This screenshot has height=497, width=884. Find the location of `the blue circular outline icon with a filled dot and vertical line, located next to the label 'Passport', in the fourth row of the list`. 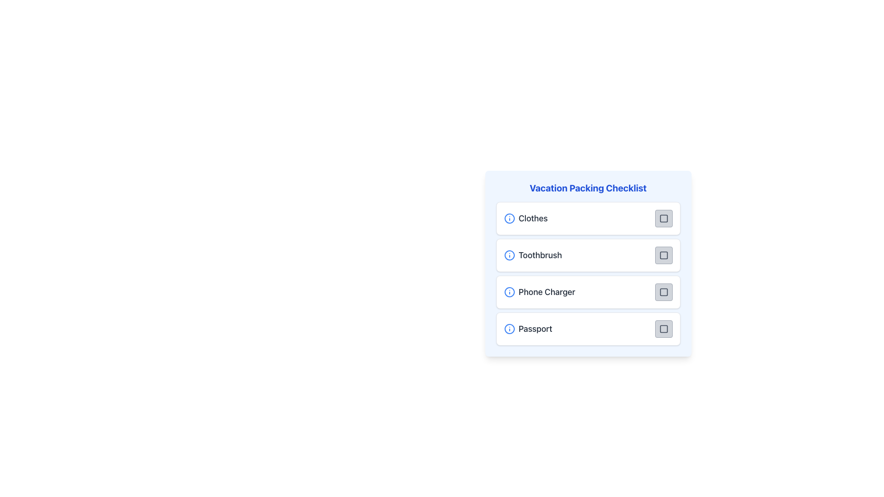

the blue circular outline icon with a filled dot and vertical line, located next to the label 'Passport', in the fourth row of the list is located at coordinates (509, 328).